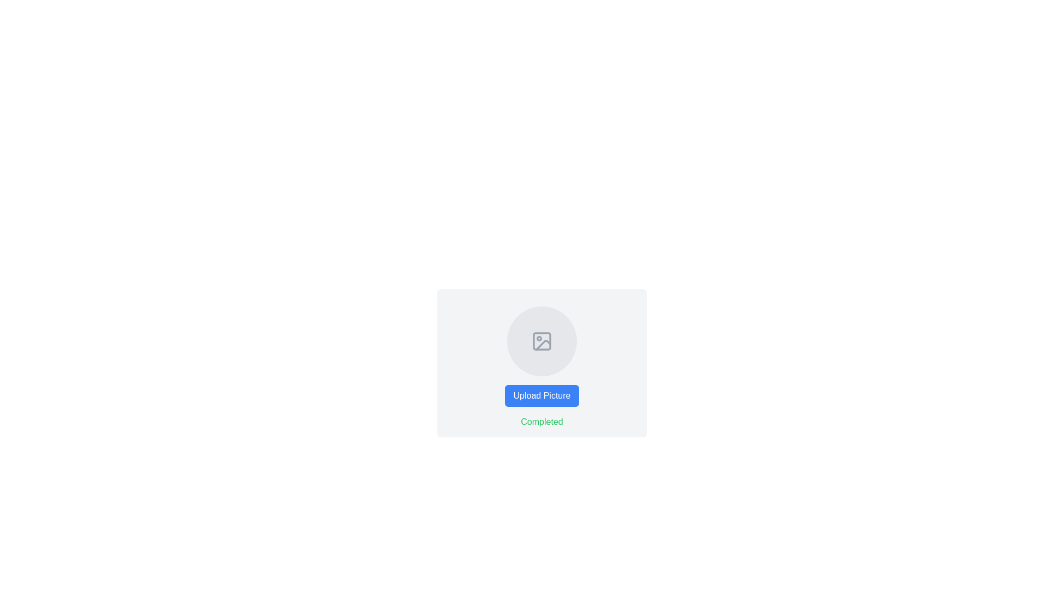 This screenshot has height=589, width=1047. What do you see at coordinates (541, 340) in the screenshot?
I see `the icon that represents a placeholder for uploading pictures, located centrally within a circular background area above the 'Upload Picture' button` at bounding box center [541, 340].